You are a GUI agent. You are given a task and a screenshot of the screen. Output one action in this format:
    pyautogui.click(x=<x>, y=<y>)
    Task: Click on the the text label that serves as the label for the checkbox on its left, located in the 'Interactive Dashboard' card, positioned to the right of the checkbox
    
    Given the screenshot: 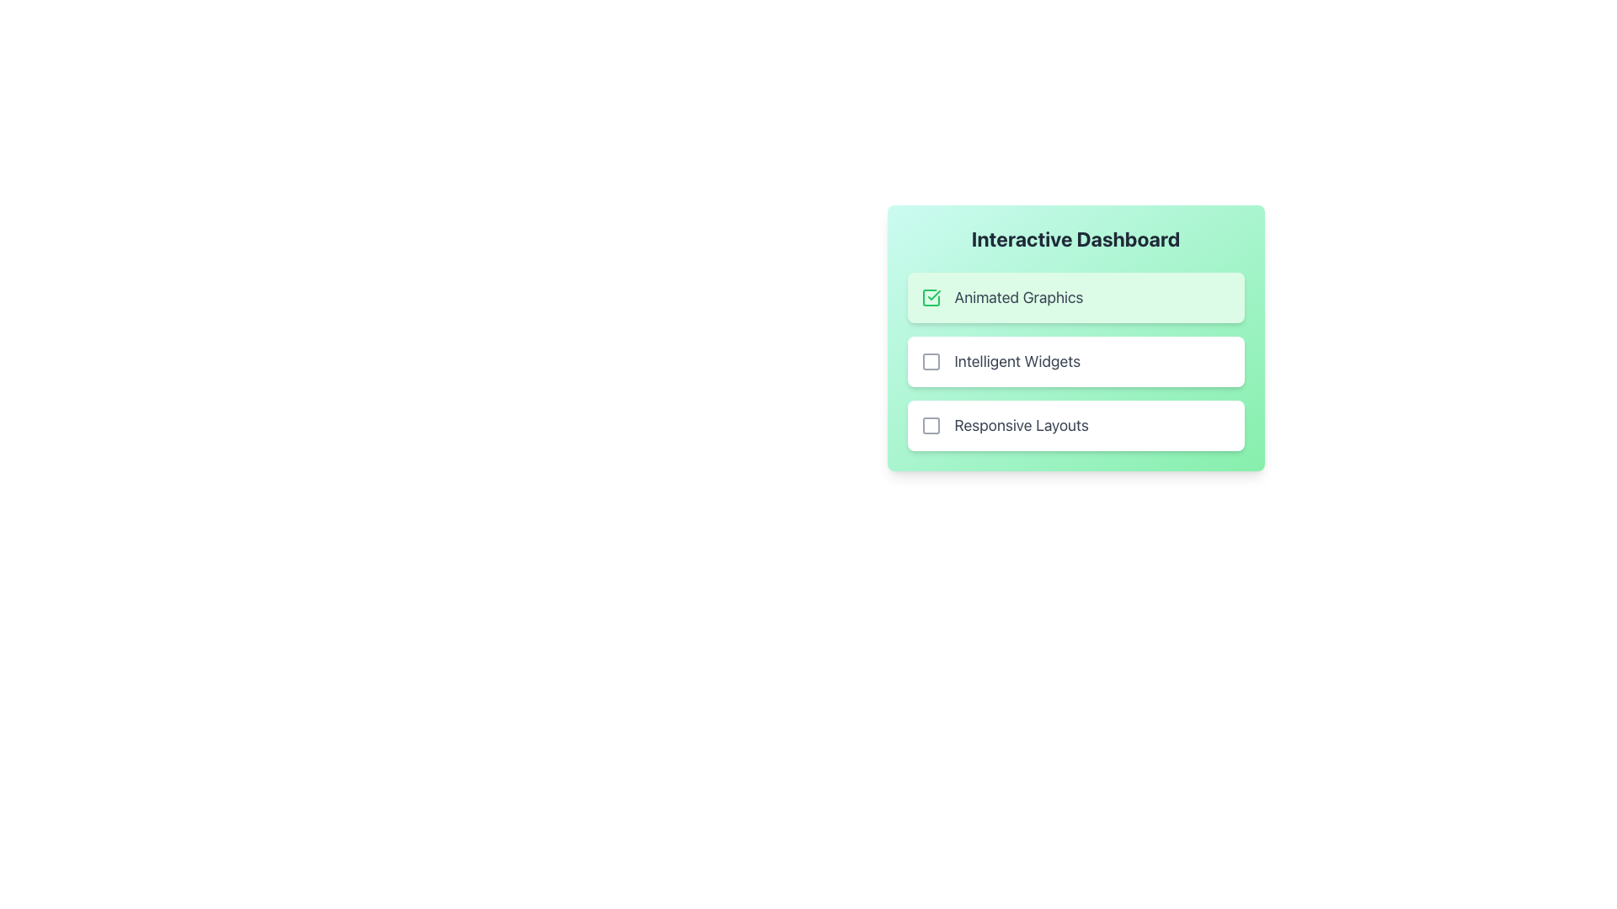 What is the action you would take?
    pyautogui.click(x=1021, y=424)
    